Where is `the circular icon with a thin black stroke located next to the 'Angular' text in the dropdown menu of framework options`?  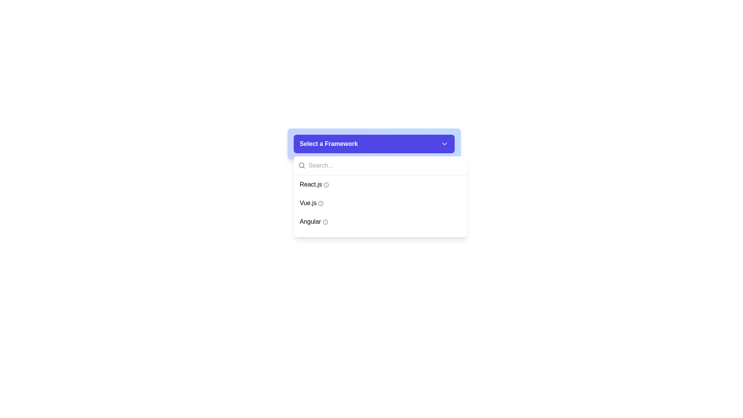
the circular icon with a thin black stroke located next to the 'Angular' text in the dropdown menu of framework options is located at coordinates (325, 222).